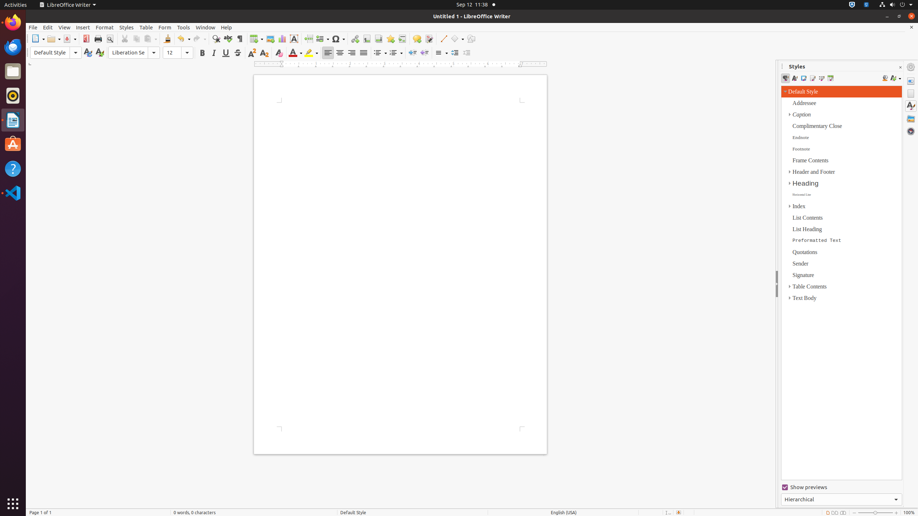  What do you see at coordinates (252, 52) in the screenshot?
I see `'Superscript'` at bounding box center [252, 52].